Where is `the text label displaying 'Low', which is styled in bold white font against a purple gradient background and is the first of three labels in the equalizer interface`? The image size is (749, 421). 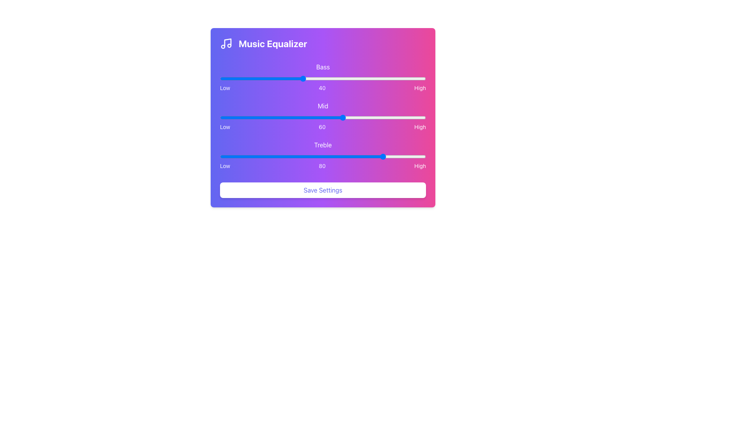 the text label displaying 'Low', which is styled in bold white font against a purple gradient background and is the first of three labels in the equalizer interface is located at coordinates (224, 165).